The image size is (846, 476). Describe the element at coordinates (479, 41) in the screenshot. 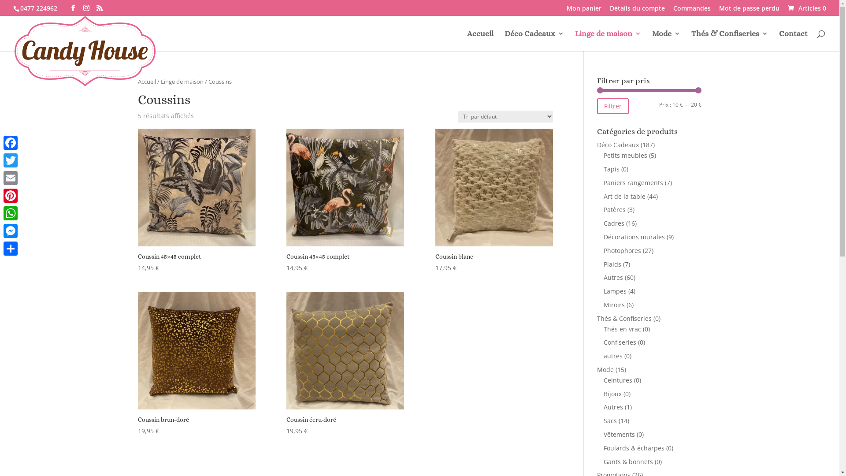

I see `'Accueil'` at that location.